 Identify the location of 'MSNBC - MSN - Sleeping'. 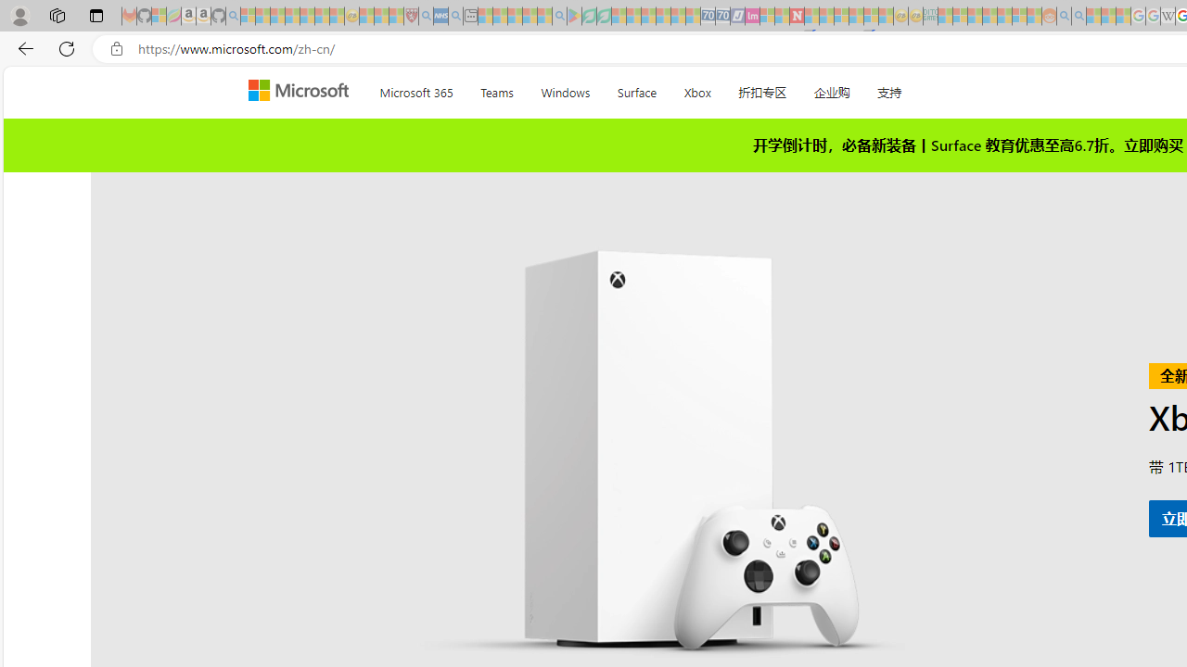
(945, 16).